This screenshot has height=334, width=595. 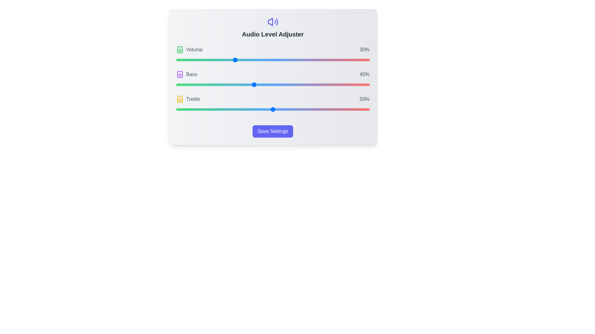 What do you see at coordinates (234, 109) in the screenshot?
I see `the Treble slider to 30%` at bounding box center [234, 109].